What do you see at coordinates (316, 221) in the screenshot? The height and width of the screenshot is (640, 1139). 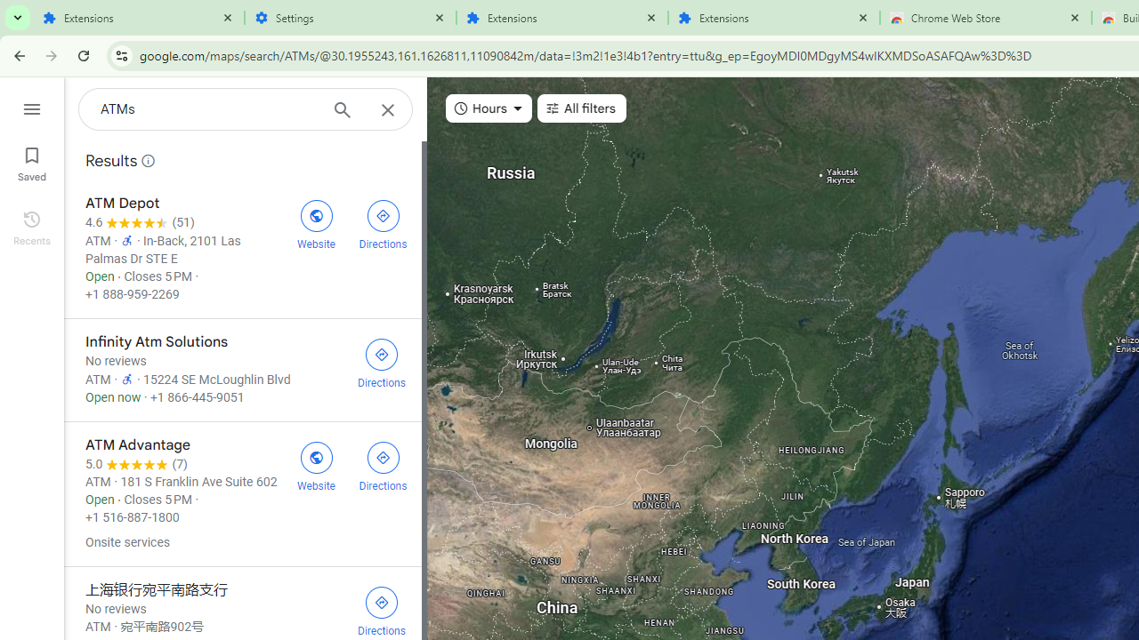 I see `'Visit ATM Depot'` at bounding box center [316, 221].